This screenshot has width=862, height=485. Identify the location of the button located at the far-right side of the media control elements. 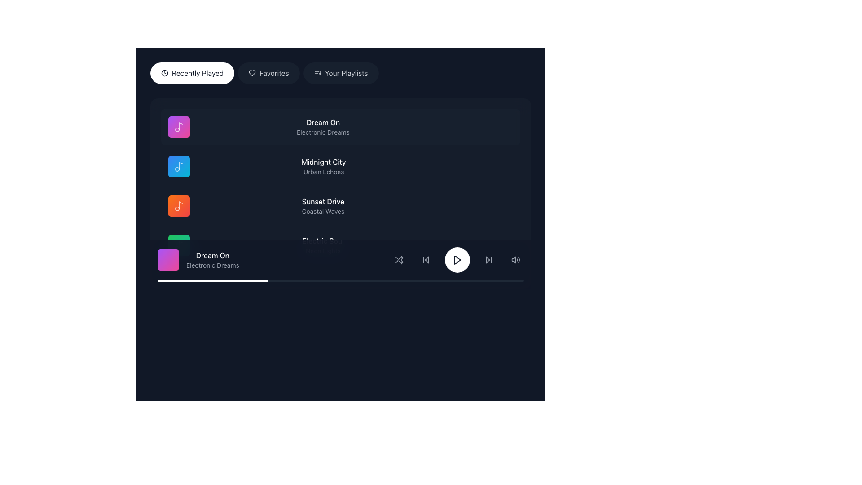
(506, 246).